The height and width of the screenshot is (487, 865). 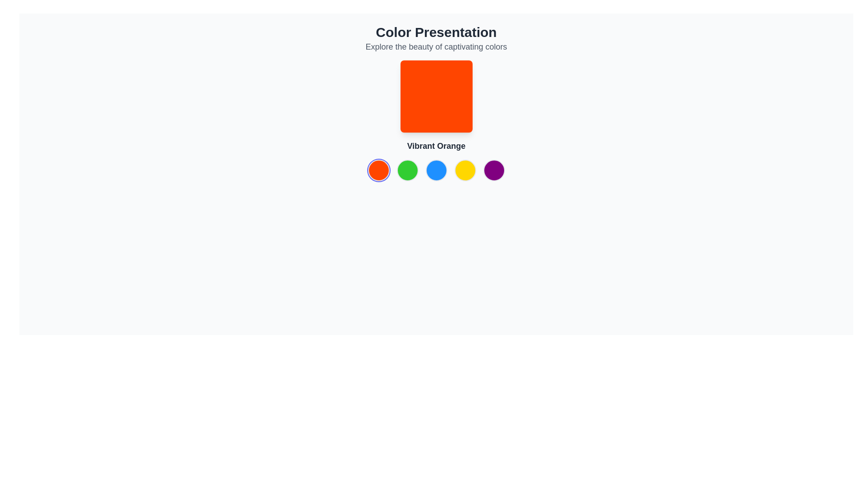 I want to click on the leftmost circular button with an orange background and indigo border below the 'Color Presentation' section, so click(x=378, y=170).